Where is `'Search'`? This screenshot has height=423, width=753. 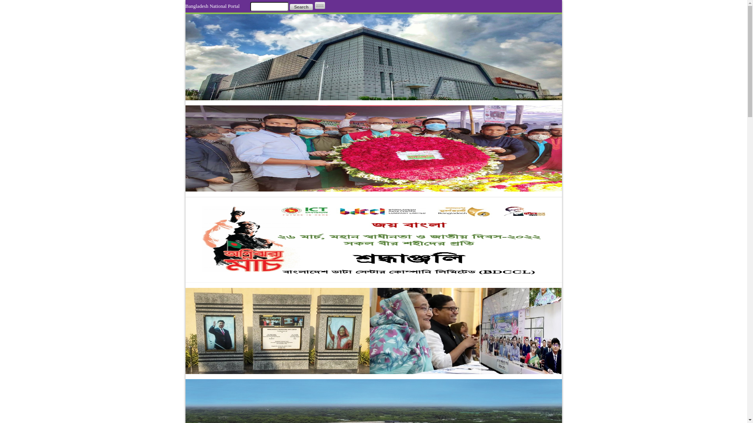
'Search' is located at coordinates (301, 7).